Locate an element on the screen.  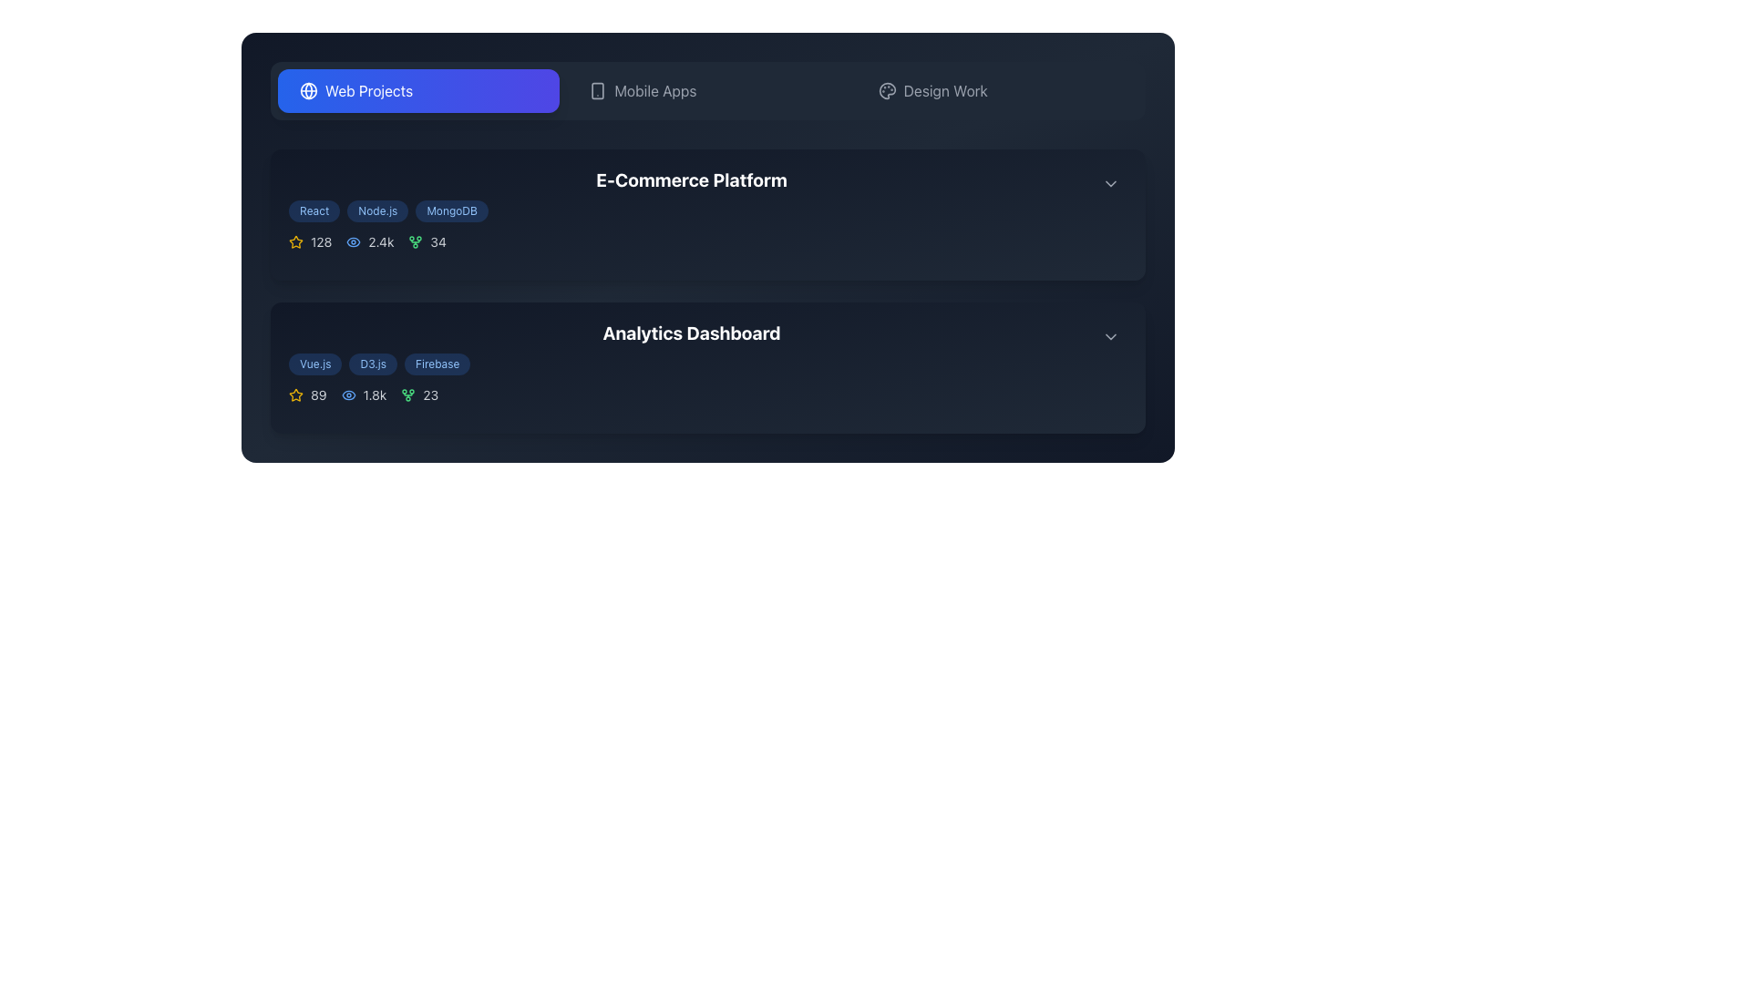
the visibility icon located to the left of the number '2.4k' in the first content block for 'E-Commerce Platform' is located at coordinates (354, 241).